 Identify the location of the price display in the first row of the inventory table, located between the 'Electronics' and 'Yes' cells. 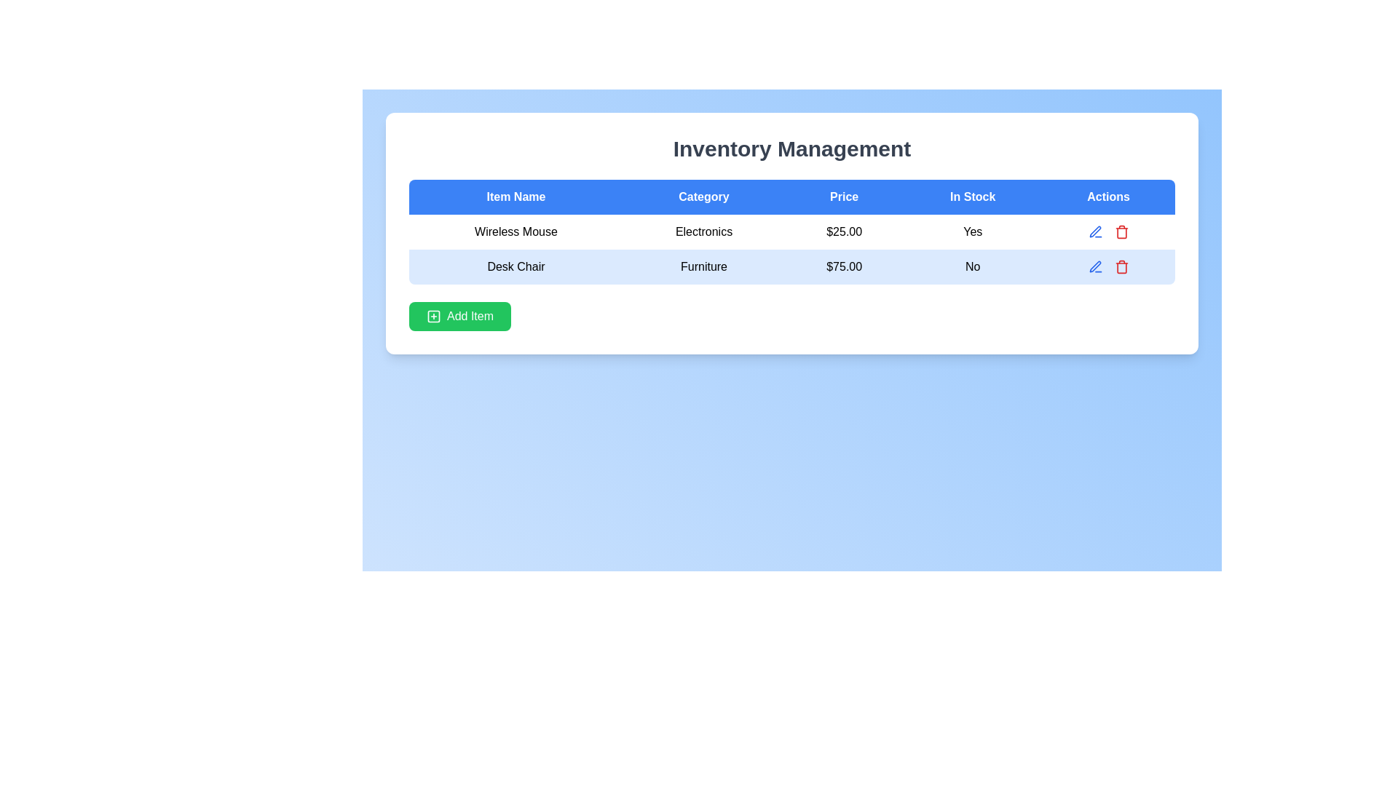
(844, 231).